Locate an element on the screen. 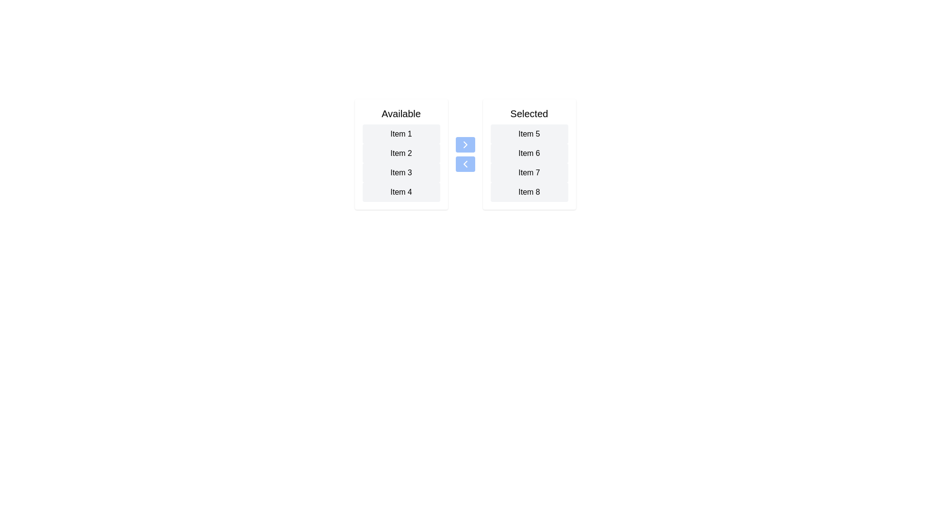  'Item 3' is located at coordinates (401, 162).